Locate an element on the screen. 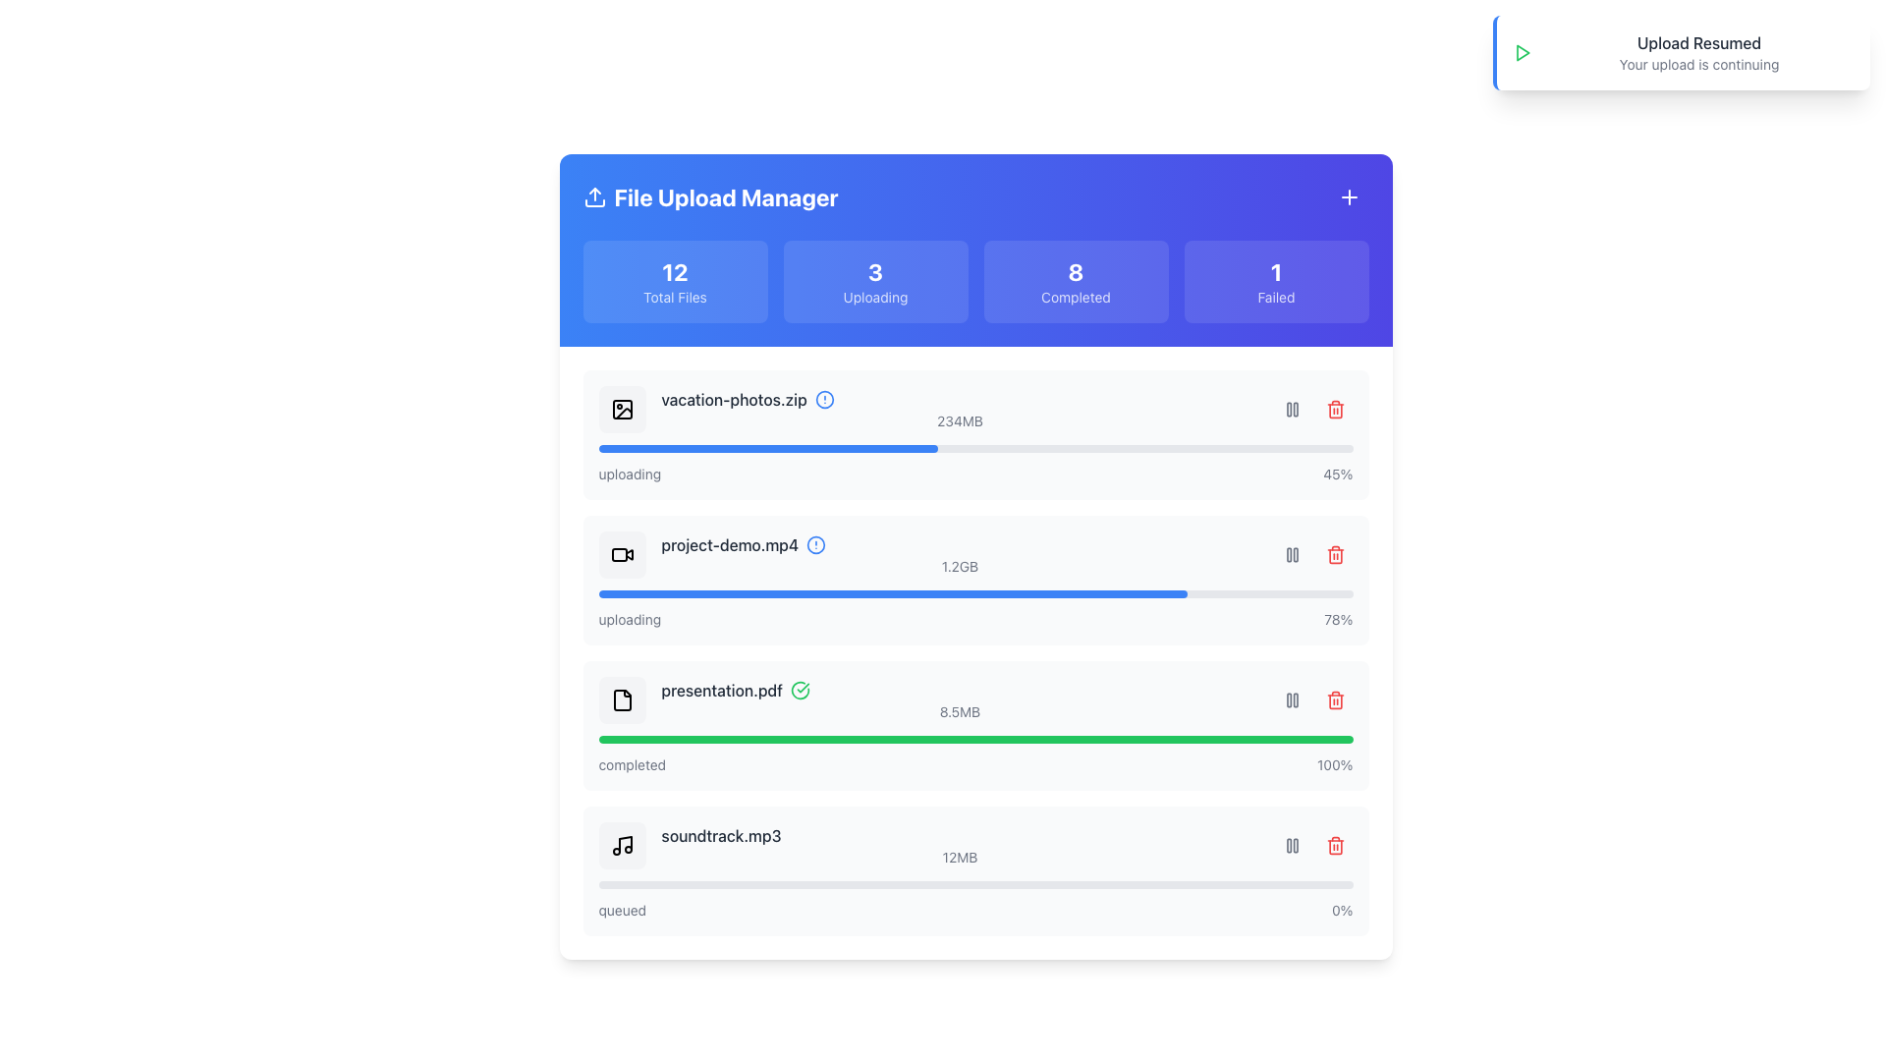 The width and height of the screenshot is (1886, 1061). the informational text label that indicates the size of the file 'presentation.pdf', located in the 'Completed' section next to its name is located at coordinates (960, 712).